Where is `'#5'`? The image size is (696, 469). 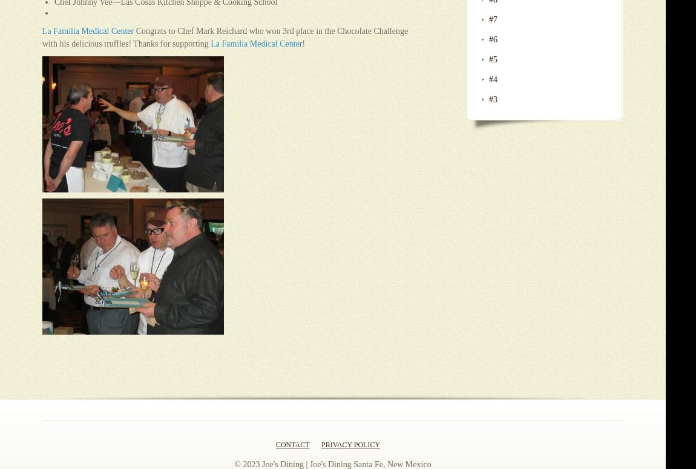
'#5' is located at coordinates (493, 59).